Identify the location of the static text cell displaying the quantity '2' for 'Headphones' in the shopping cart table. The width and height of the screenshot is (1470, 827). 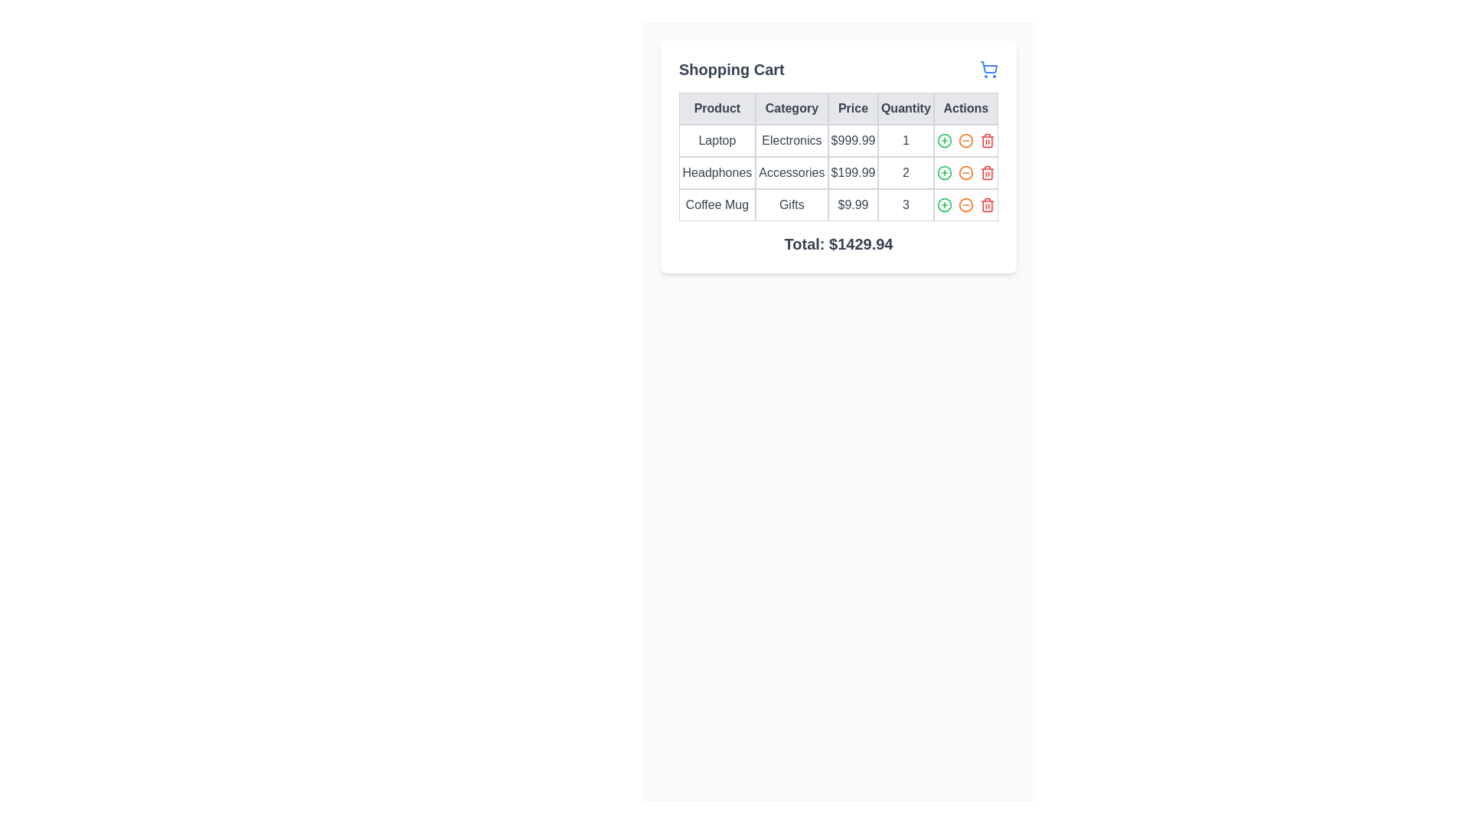
(906, 172).